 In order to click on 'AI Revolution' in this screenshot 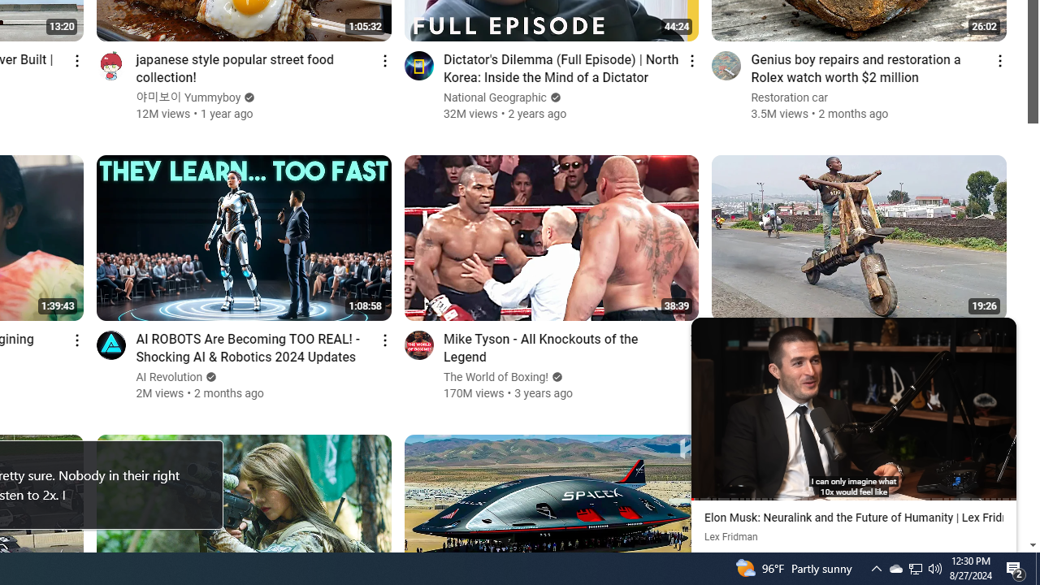, I will do `click(169, 377)`.